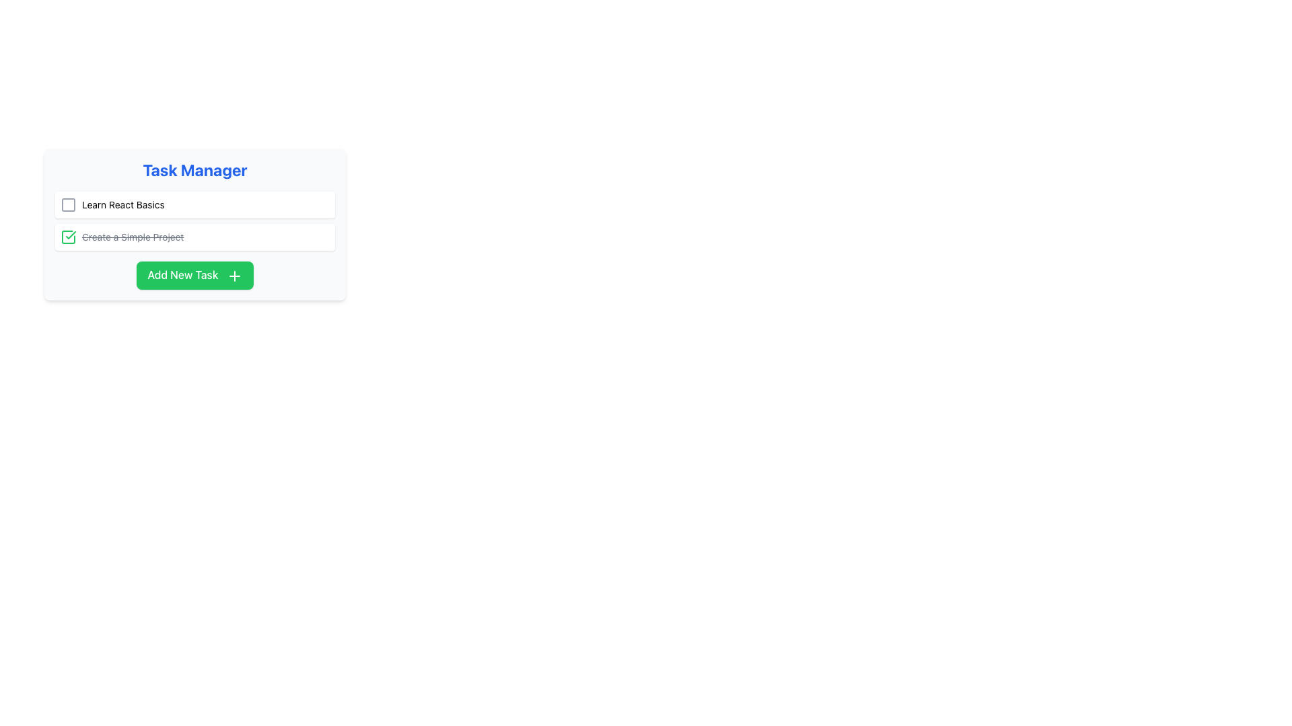 The image size is (1292, 726). Describe the element at coordinates (112, 204) in the screenshot. I see `the first task entry in the vertical list under the 'Task Manager' header` at that location.